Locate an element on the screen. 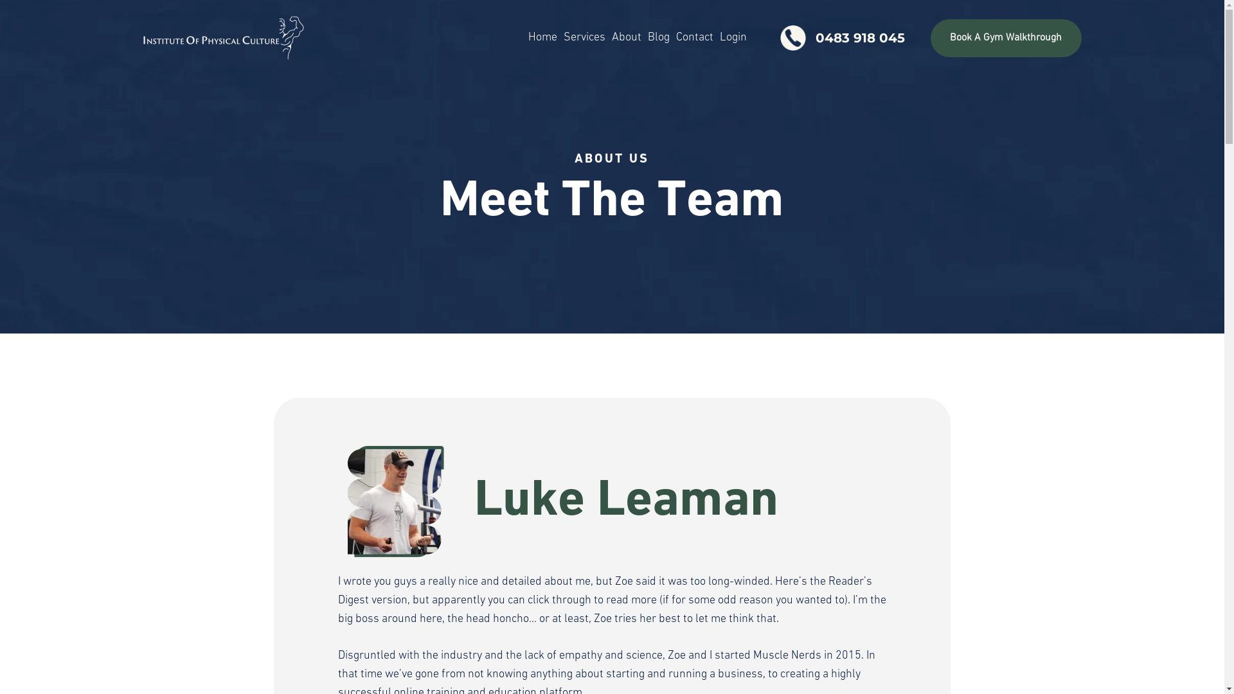 This screenshot has width=1234, height=694. '0483 918 045' is located at coordinates (840, 37).